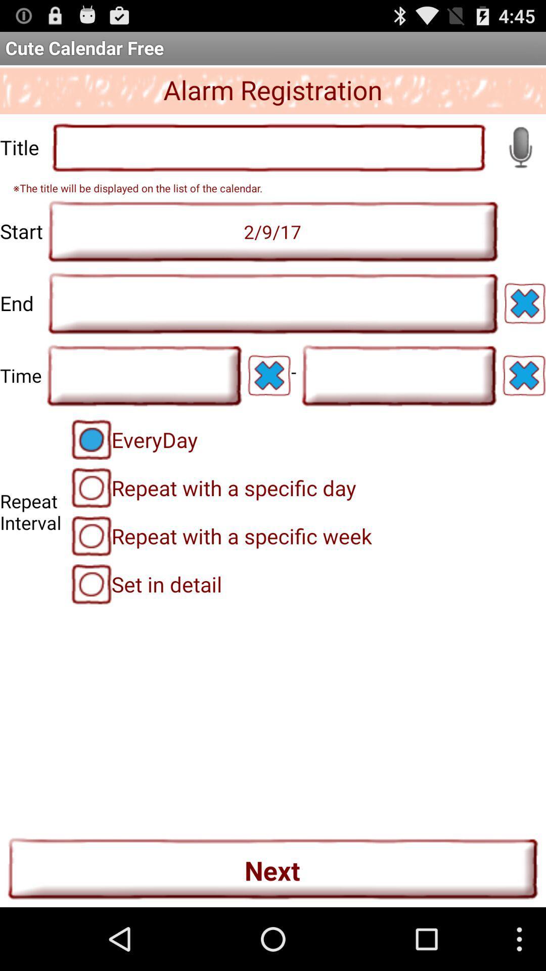 Image resolution: width=546 pixels, height=971 pixels. Describe the element at coordinates (268, 147) in the screenshot. I see `alarm title` at that location.